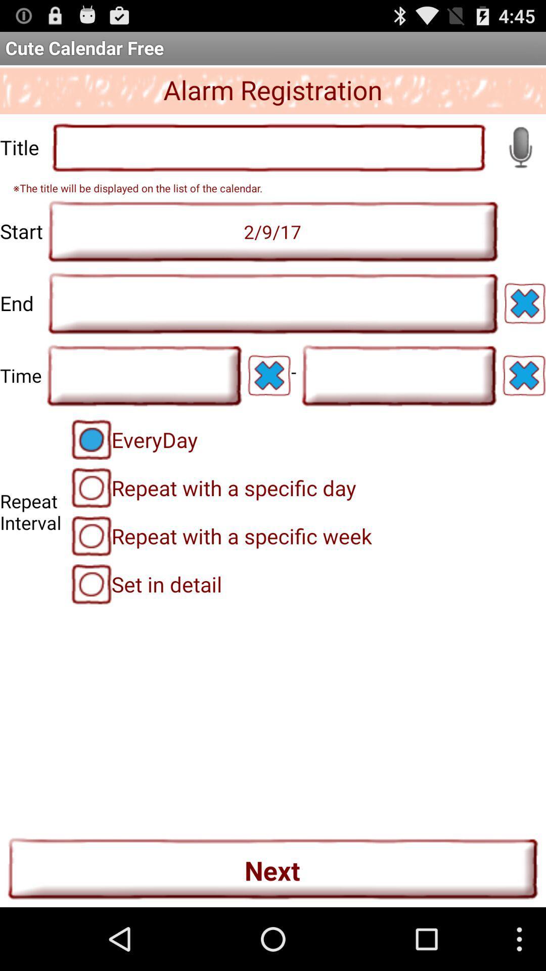 Image resolution: width=546 pixels, height=971 pixels. Describe the element at coordinates (268, 147) in the screenshot. I see `alarm title` at that location.